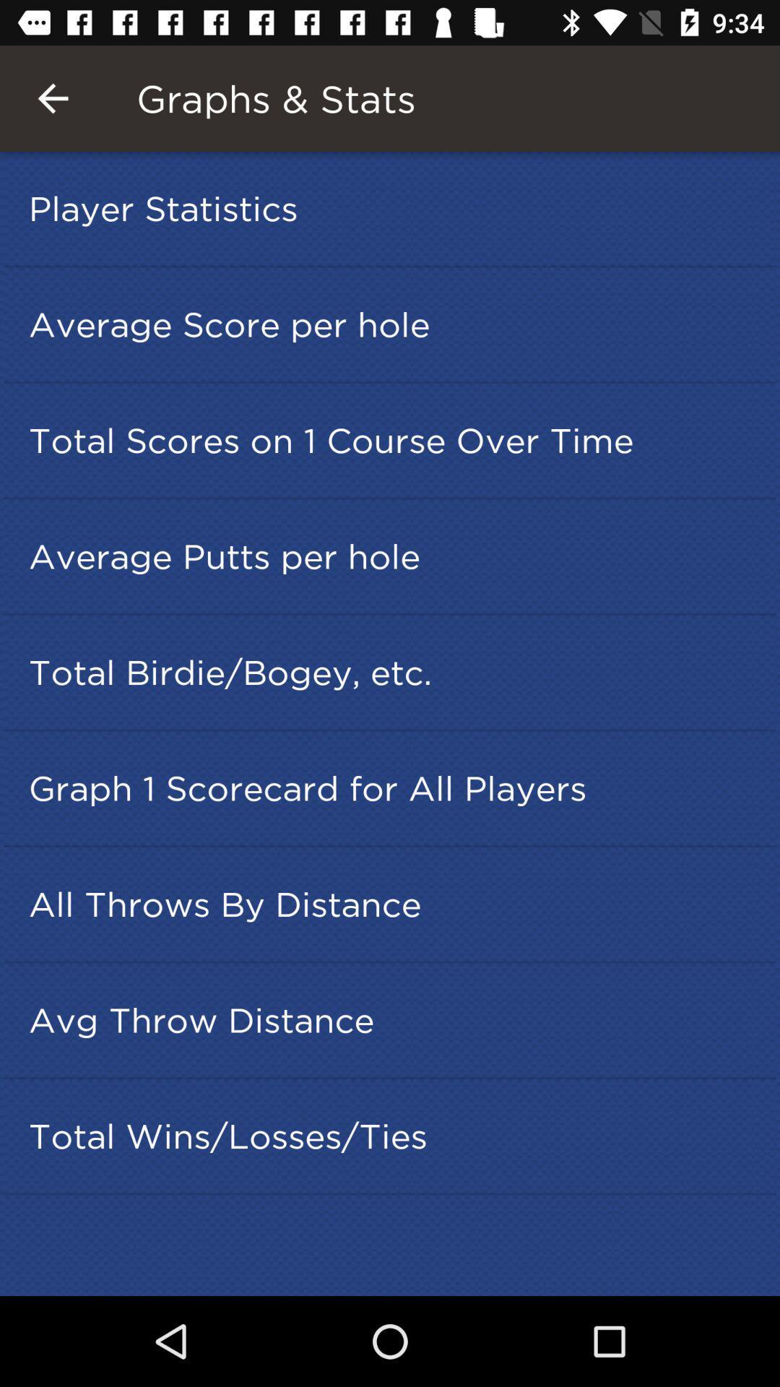  What do you see at coordinates (394, 556) in the screenshot?
I see `the icon above the total birdie bogey` at bounding box center [394, 556].